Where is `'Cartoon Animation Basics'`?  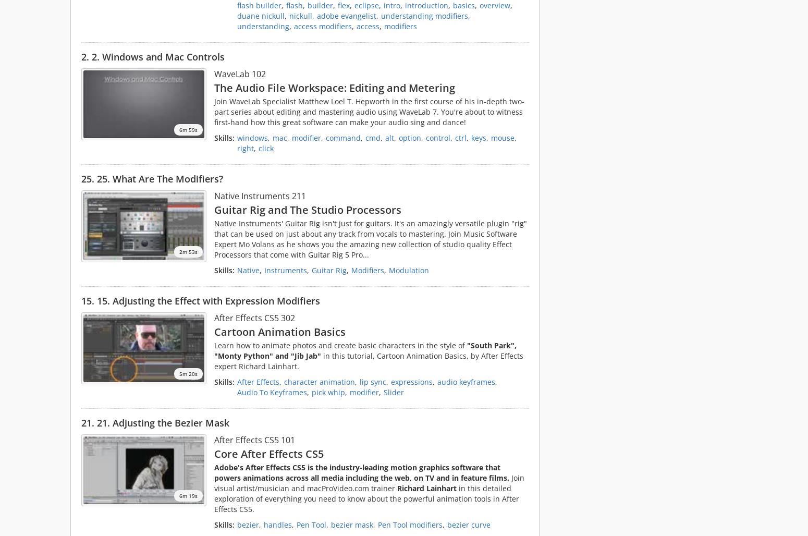
'Cartoon Animation Basics' is located at coordinates (279, 331).